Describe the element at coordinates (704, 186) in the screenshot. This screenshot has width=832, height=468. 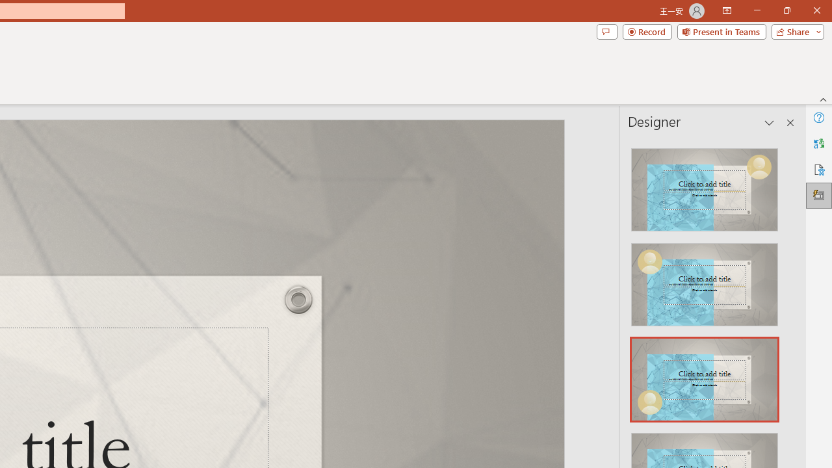
I see `'Recommended Design: Design Idea'` at that location.